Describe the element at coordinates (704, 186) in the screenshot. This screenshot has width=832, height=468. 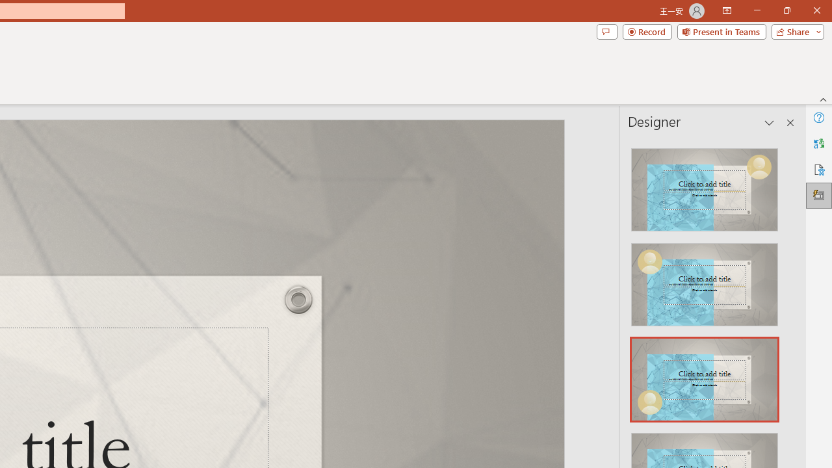
I see `'Recommended Design: Design Idea'` at that location.